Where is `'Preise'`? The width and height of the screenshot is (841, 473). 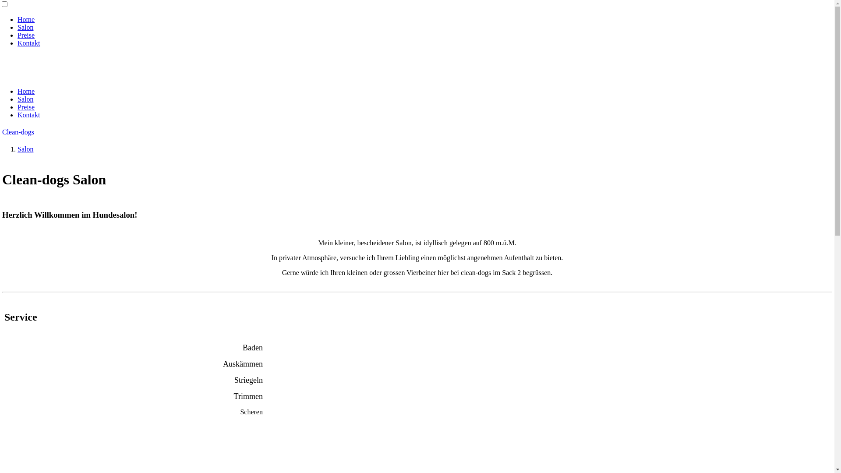 'Preise' is located at coordinates (26, 106).